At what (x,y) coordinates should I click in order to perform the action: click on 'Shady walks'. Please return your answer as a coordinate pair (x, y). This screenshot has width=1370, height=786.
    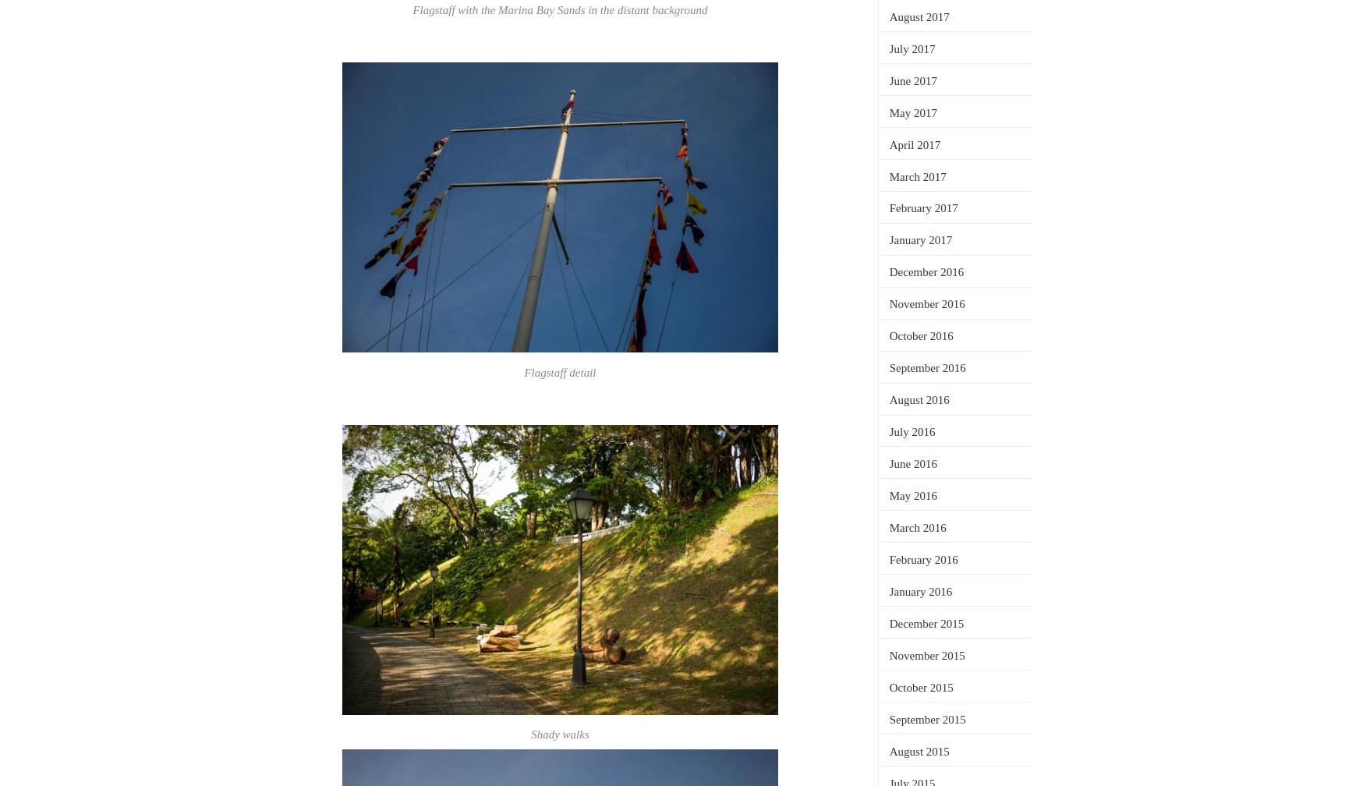
    Looking at the image, I should click on (559, 734).